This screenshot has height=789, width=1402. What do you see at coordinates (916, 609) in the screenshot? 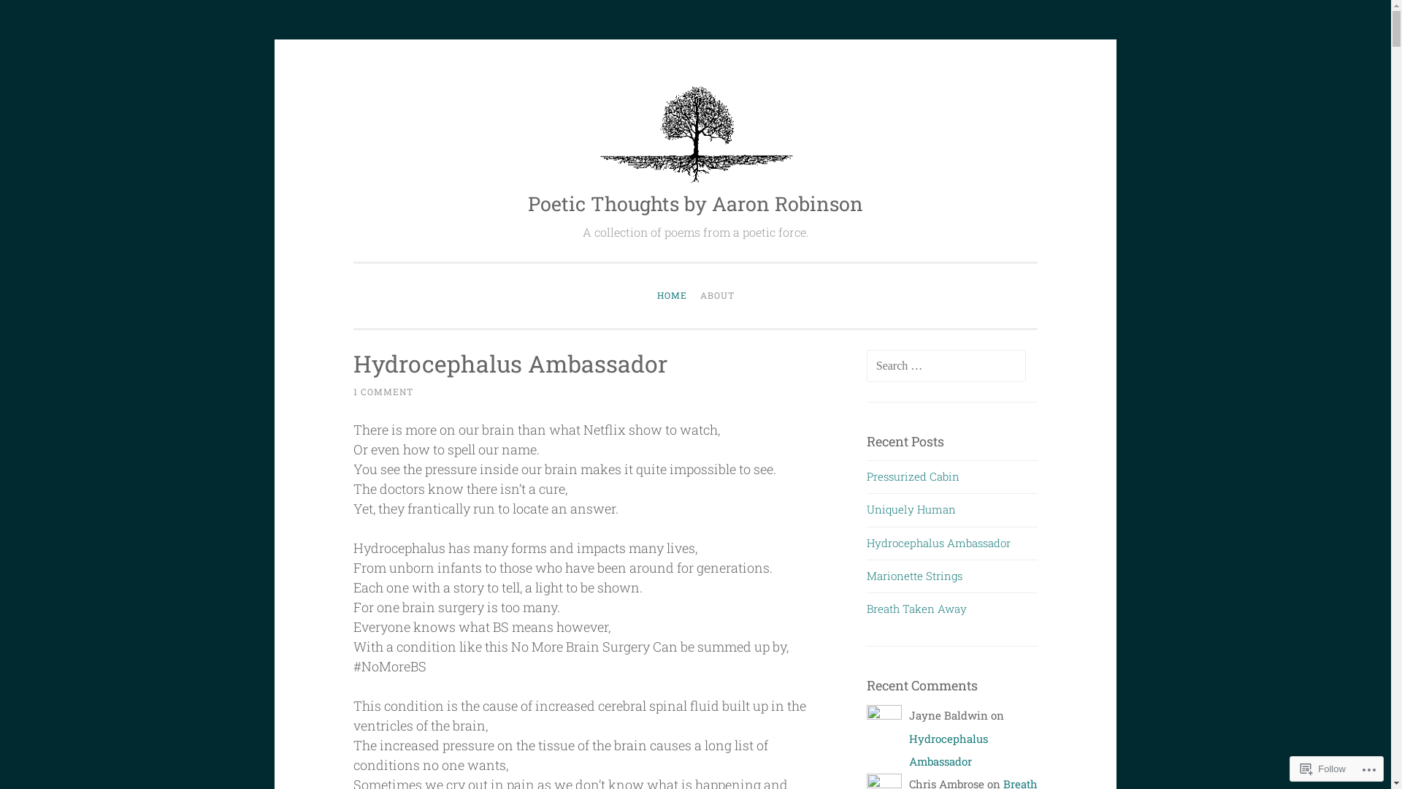
I see `'Breath Taken Away'` at bounding box center [916, 609].